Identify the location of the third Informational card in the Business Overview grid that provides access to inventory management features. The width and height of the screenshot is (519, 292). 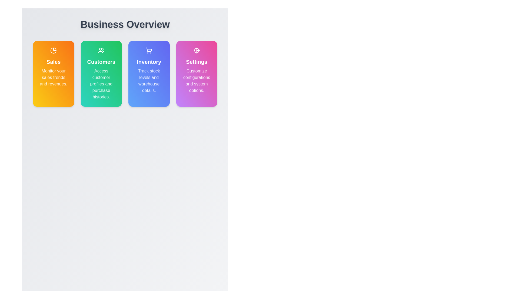
(149, 74).